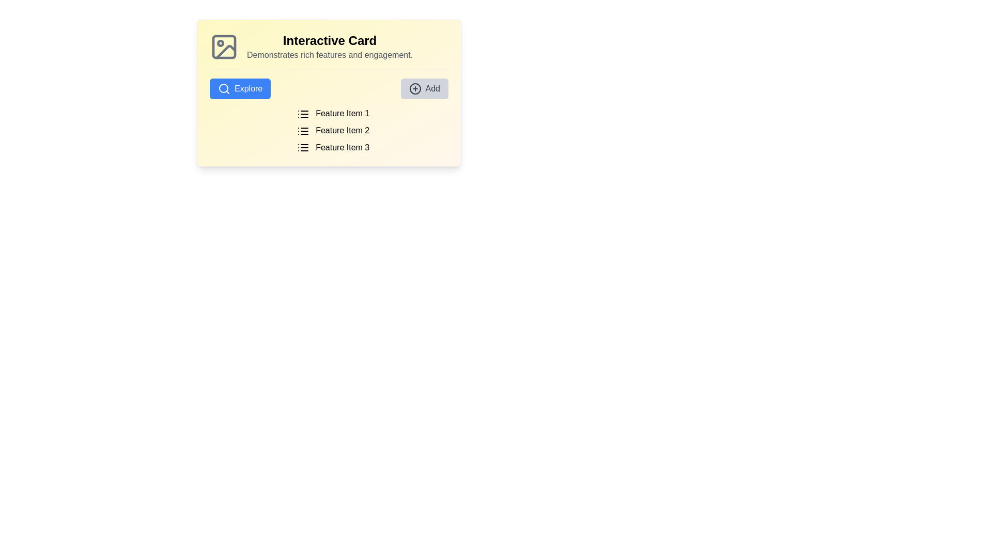 This screenshot has width=992, height=558. I want to click on icon of the Text Label with Preceding Icon located in the second position of the vertical list under the 'Interactive Card', so click(333, 130).